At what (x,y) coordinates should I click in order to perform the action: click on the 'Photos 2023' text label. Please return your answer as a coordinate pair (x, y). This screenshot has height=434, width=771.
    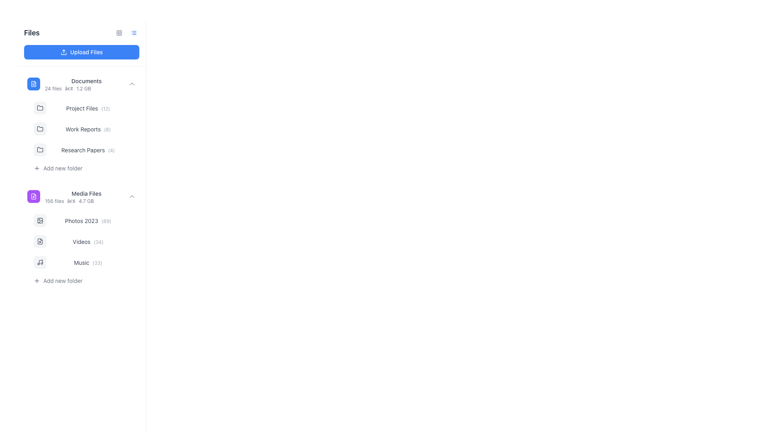
    Looking at the image, I should click on (82, 221).